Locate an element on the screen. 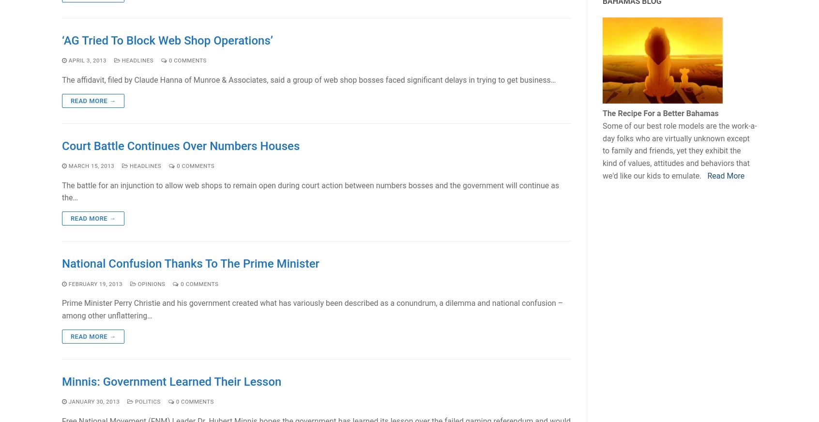  '‘AG Tried To Block Web Shop Operations’' is located at coordinates (167, 40).